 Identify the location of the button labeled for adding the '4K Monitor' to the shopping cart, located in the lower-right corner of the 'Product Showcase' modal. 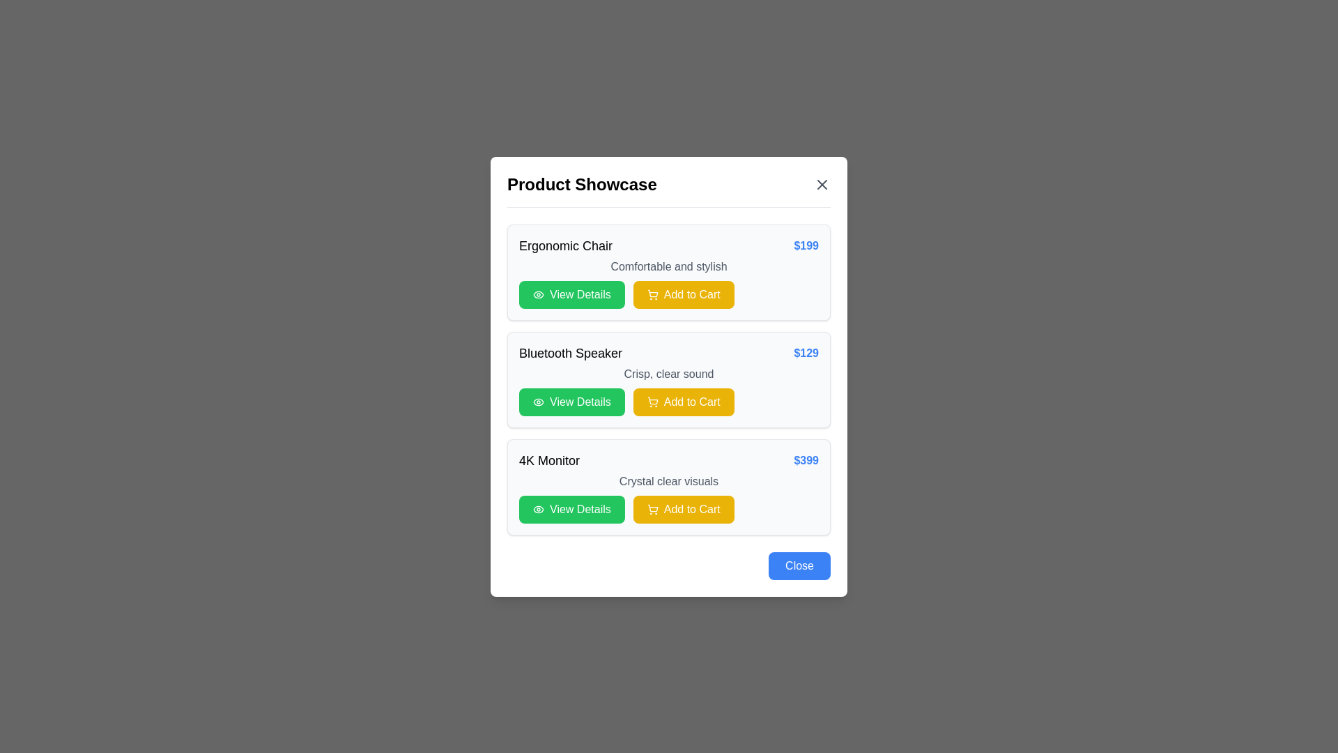
(692, 509).